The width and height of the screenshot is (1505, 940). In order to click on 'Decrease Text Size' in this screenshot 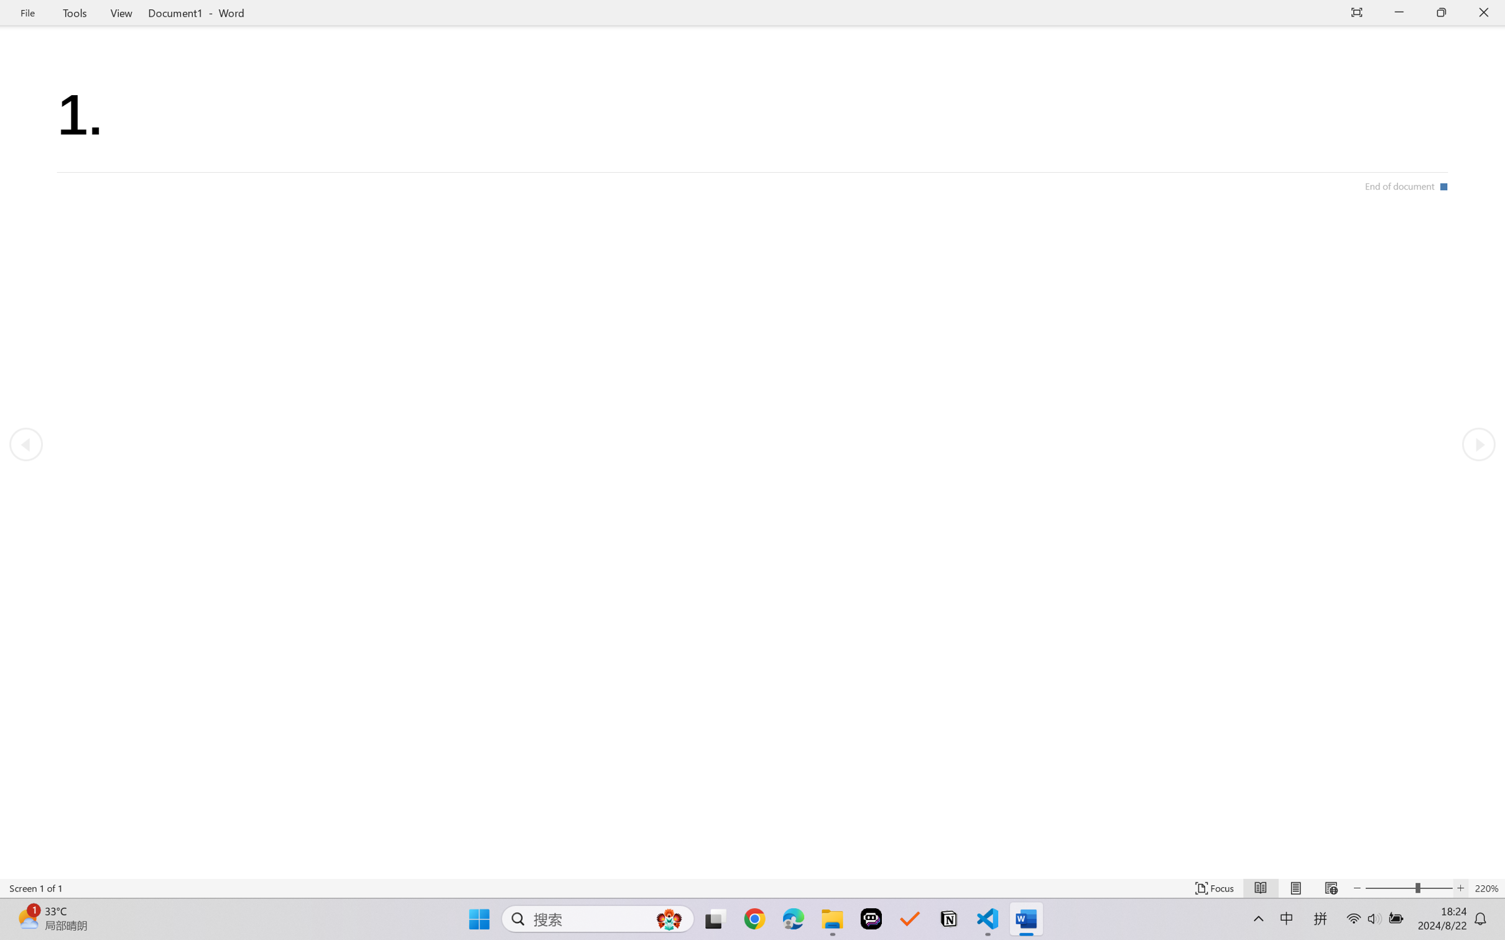, I will do `click(1357, 888)`.